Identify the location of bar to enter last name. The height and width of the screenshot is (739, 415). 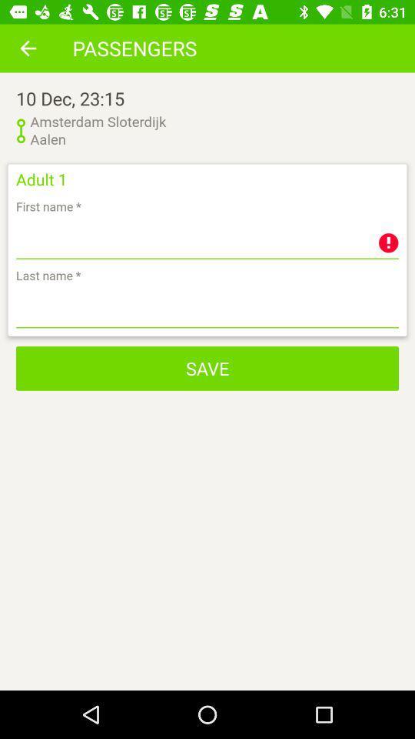
(207, 307).